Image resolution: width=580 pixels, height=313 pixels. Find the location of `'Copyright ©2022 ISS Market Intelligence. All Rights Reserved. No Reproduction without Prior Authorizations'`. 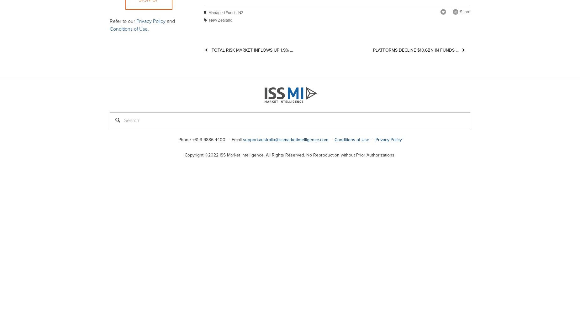

'Copyright ©2022 ISS Market Intelligence. All Rights Reserved. No Reproduction without Prior Authorizations' is located at coordinates (290, 155).